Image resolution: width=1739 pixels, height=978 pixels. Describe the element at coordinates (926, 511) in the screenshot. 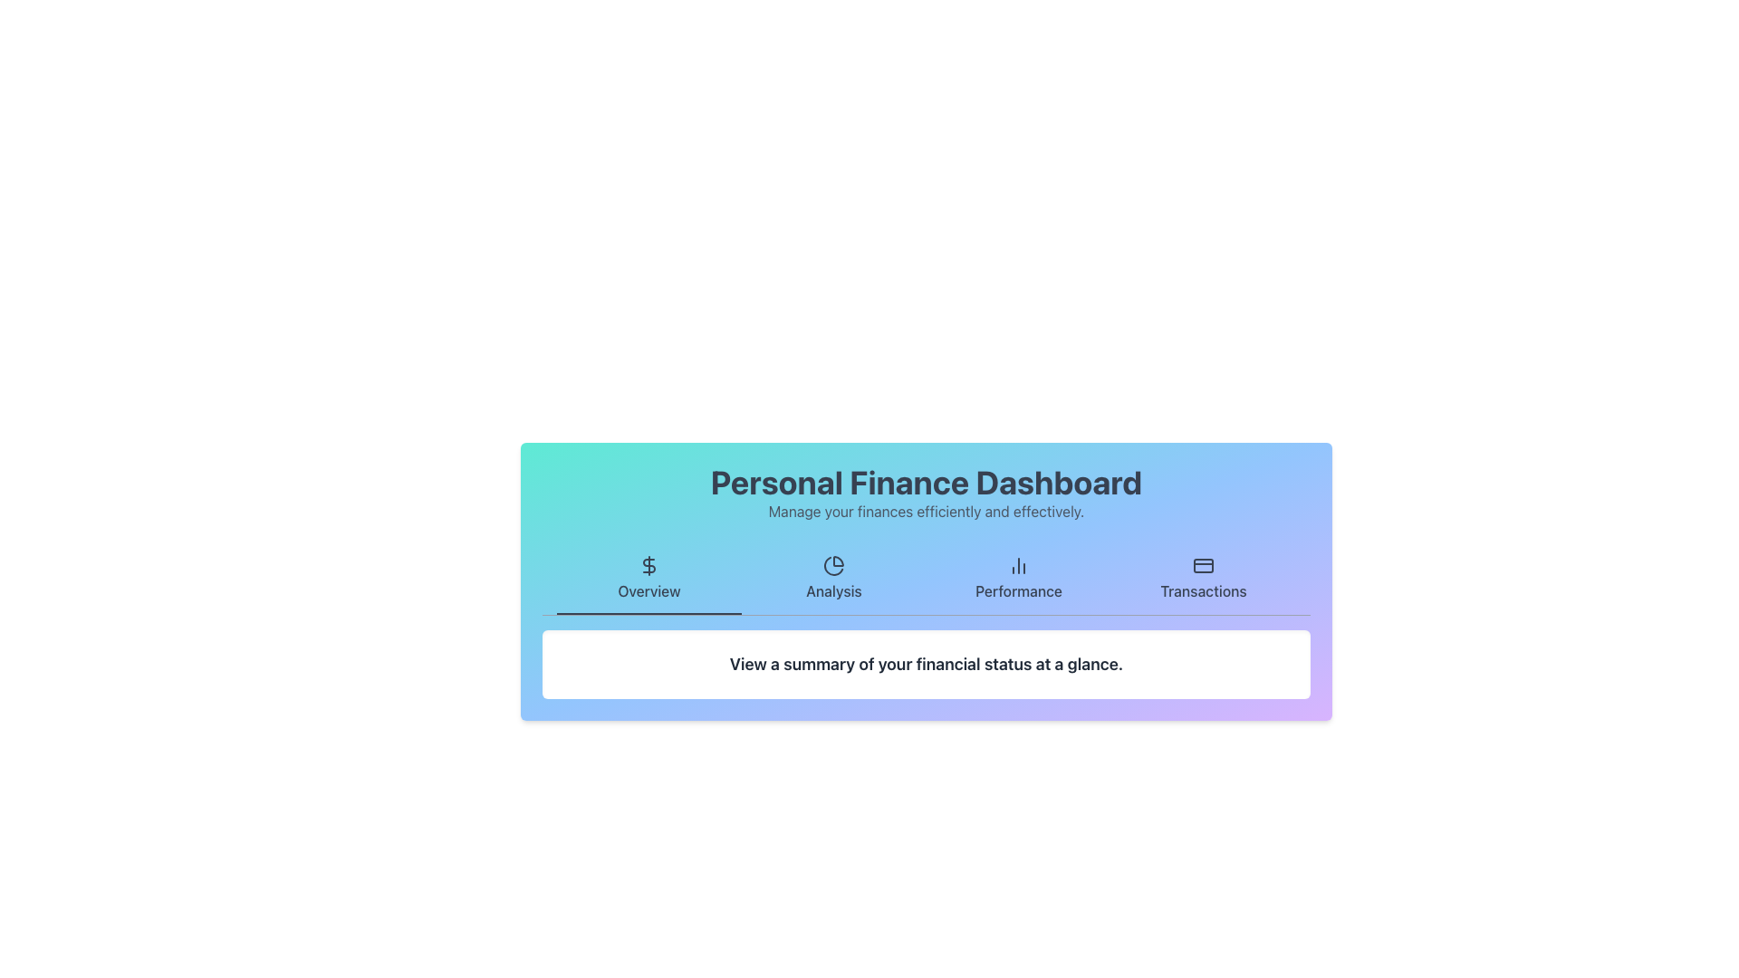

I see `text label displaying 'Manage your finances efficiently and effectively.' which is located beneath the header 'Personal Finance Dashboard'` at that location.